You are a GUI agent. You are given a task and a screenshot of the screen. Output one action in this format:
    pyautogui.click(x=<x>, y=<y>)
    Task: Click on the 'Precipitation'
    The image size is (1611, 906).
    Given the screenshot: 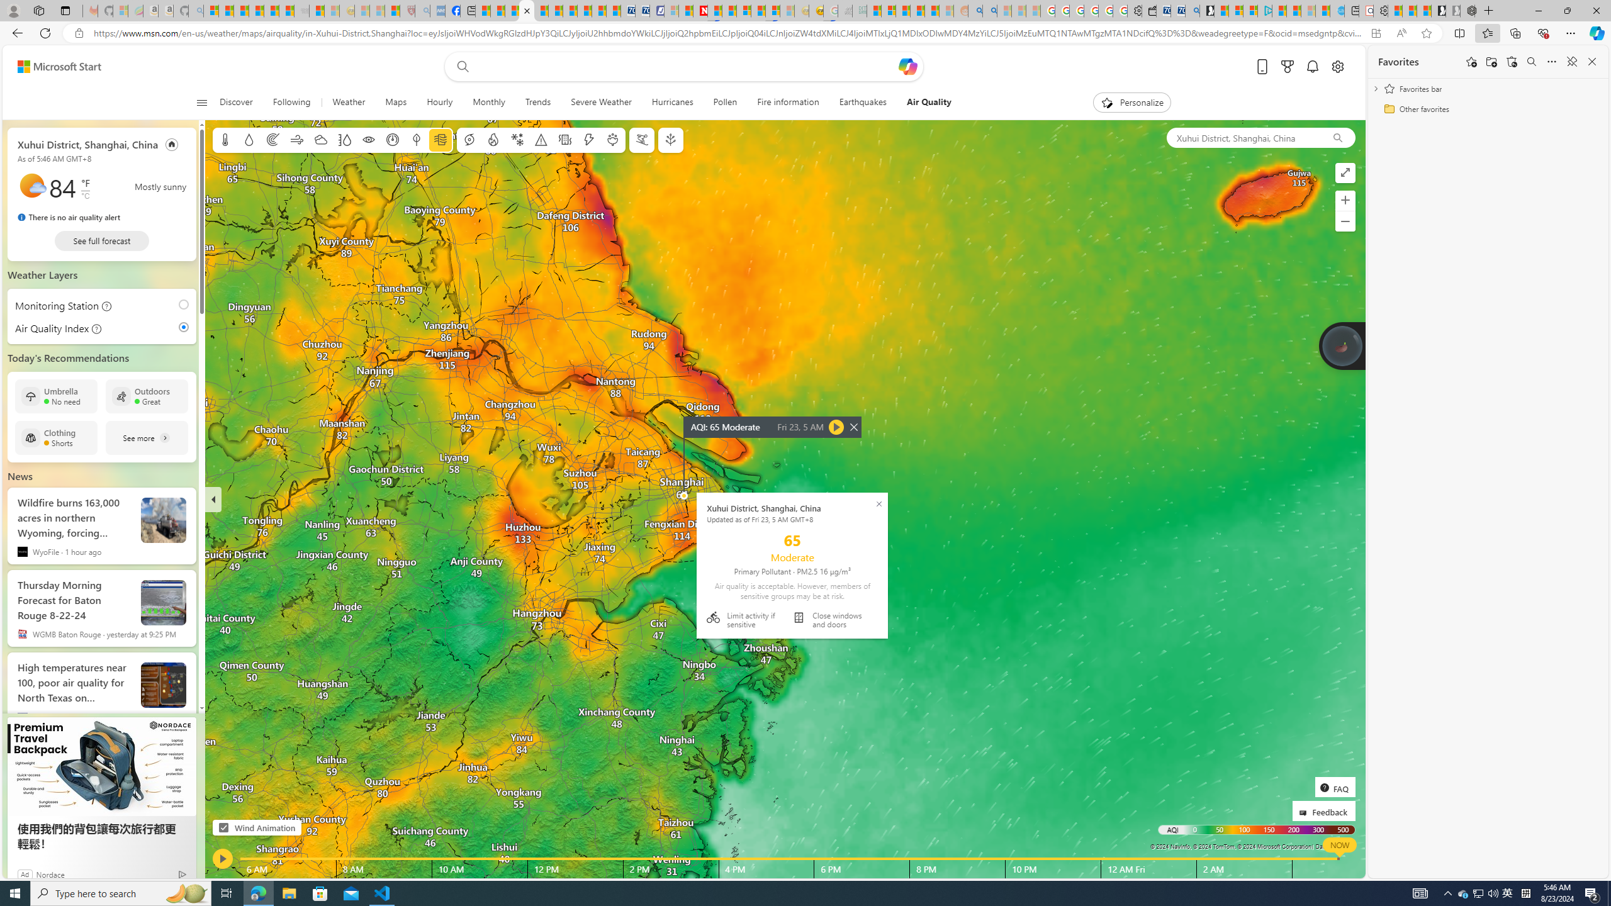 What is the action you would take?
    pyautogui.click(x=249, y=140)
    